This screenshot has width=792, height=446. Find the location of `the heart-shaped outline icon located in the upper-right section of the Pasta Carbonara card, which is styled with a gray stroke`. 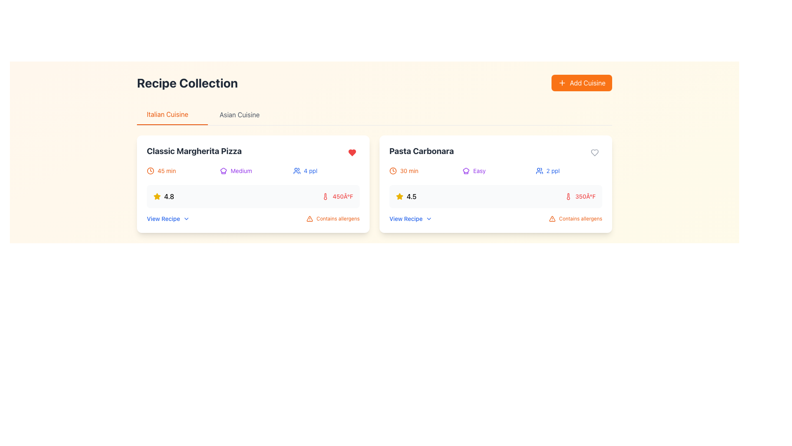

the heart-shaped outline icon located in the upper-right section of the Pasta Carbonara card, which is styled with a gray stroke is located at coordinates (594, 153).